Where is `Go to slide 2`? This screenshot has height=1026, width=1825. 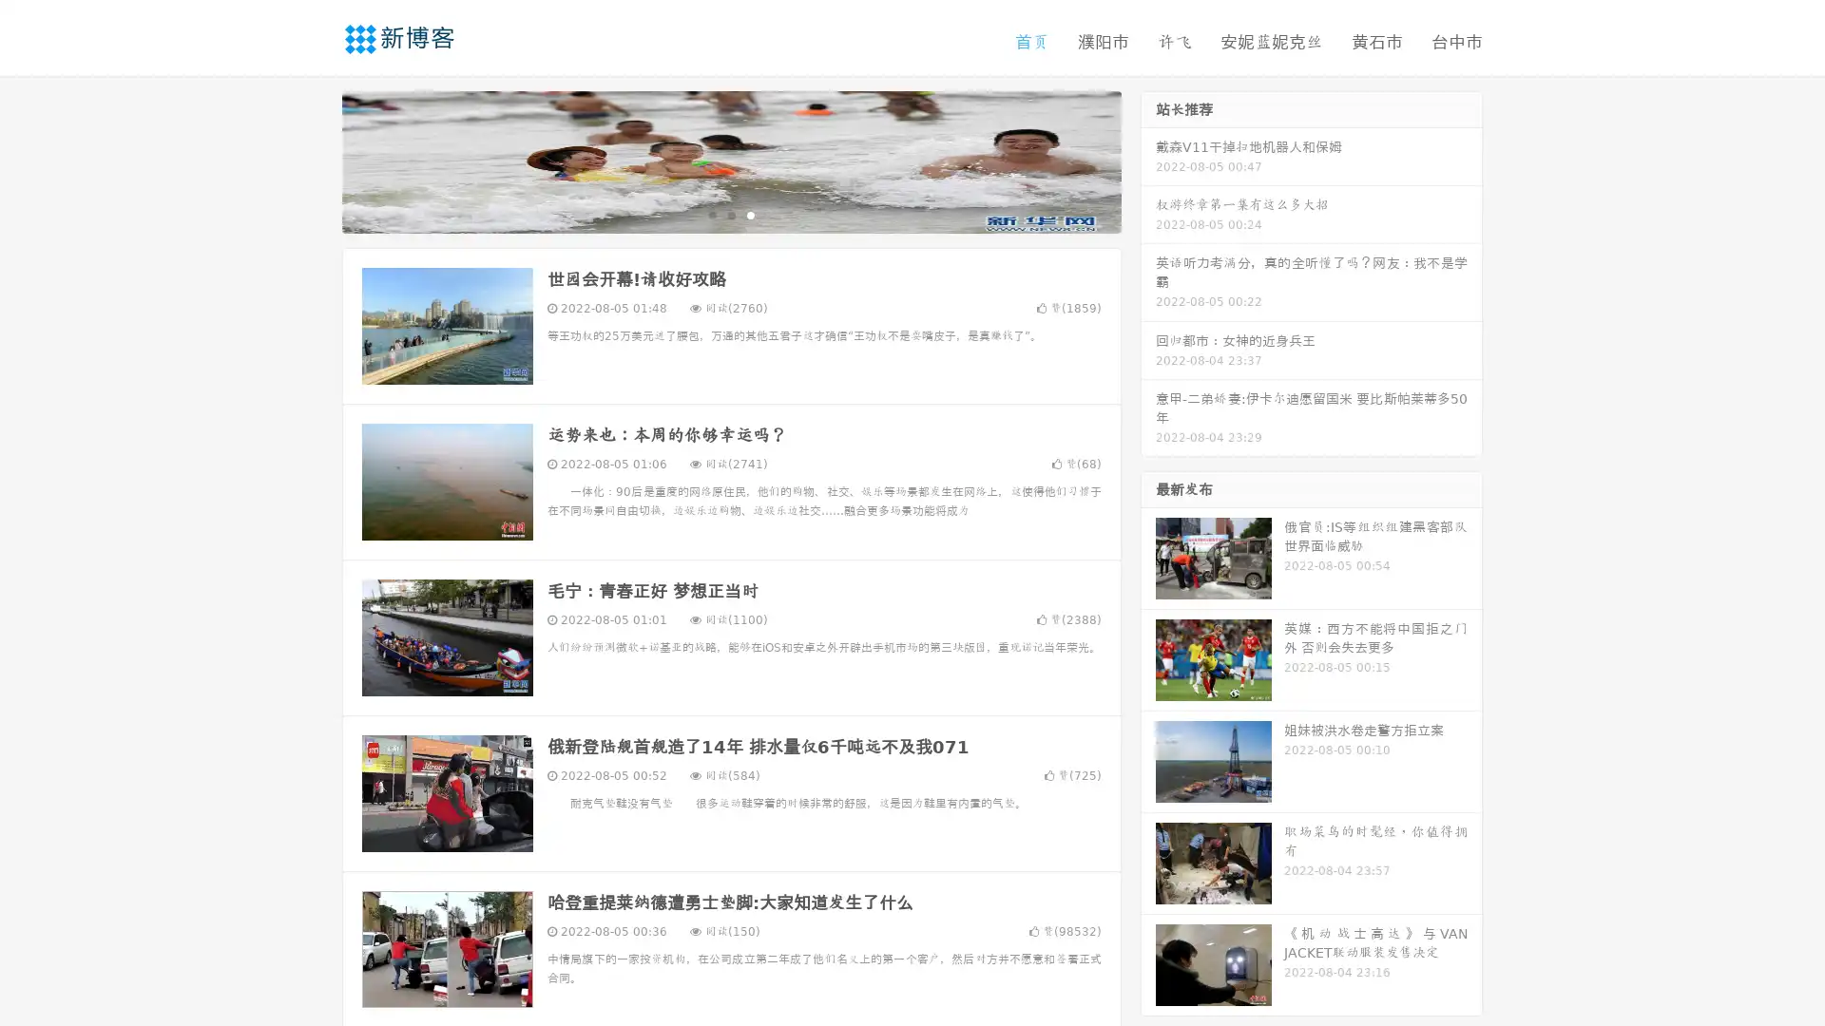
Go to slide 2 is located at coordinates (730, 214).